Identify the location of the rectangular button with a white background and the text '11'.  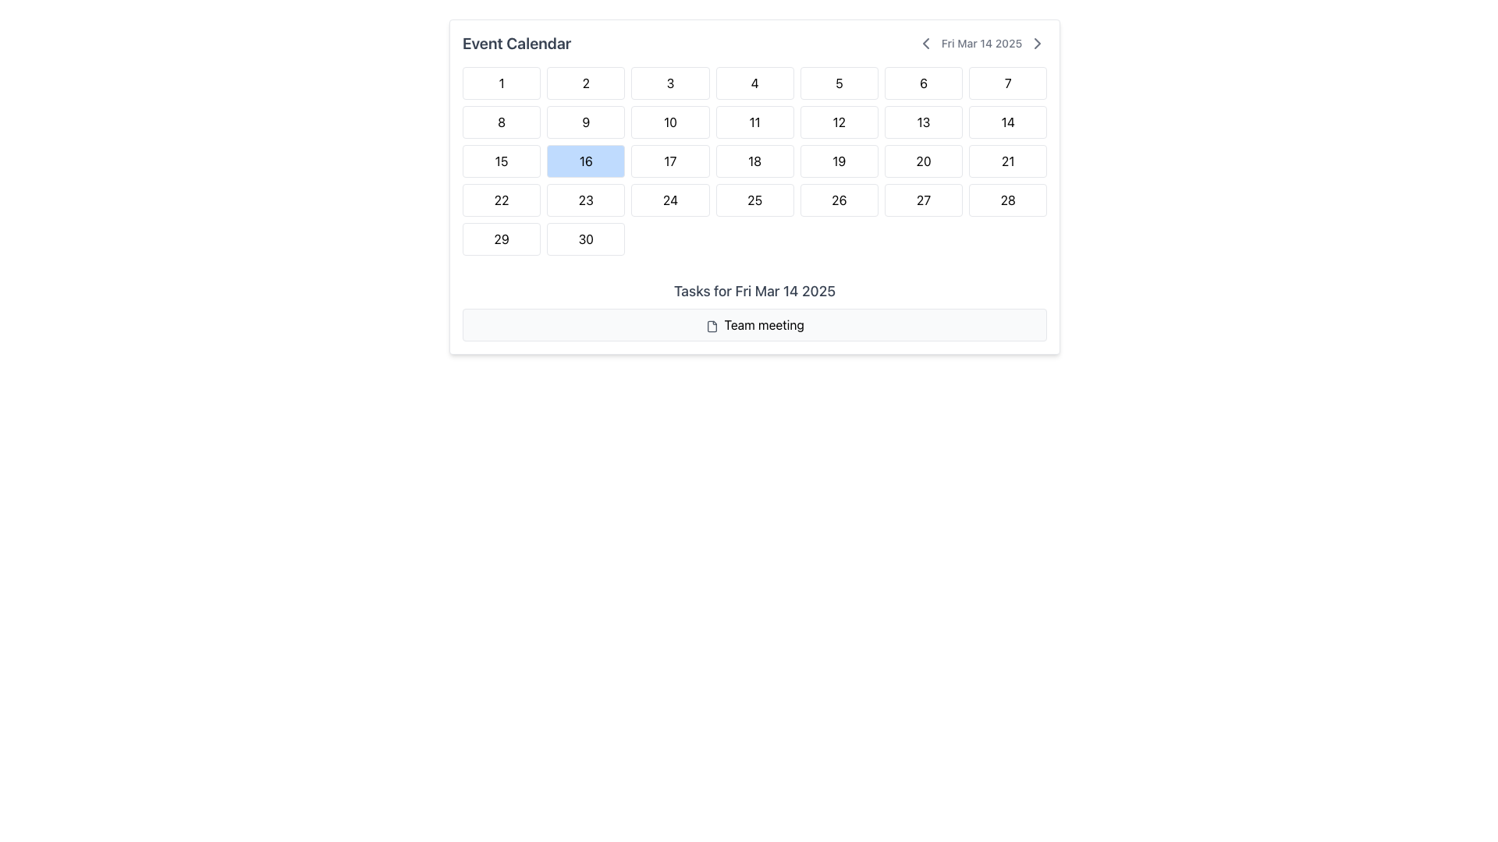
(754, 122).